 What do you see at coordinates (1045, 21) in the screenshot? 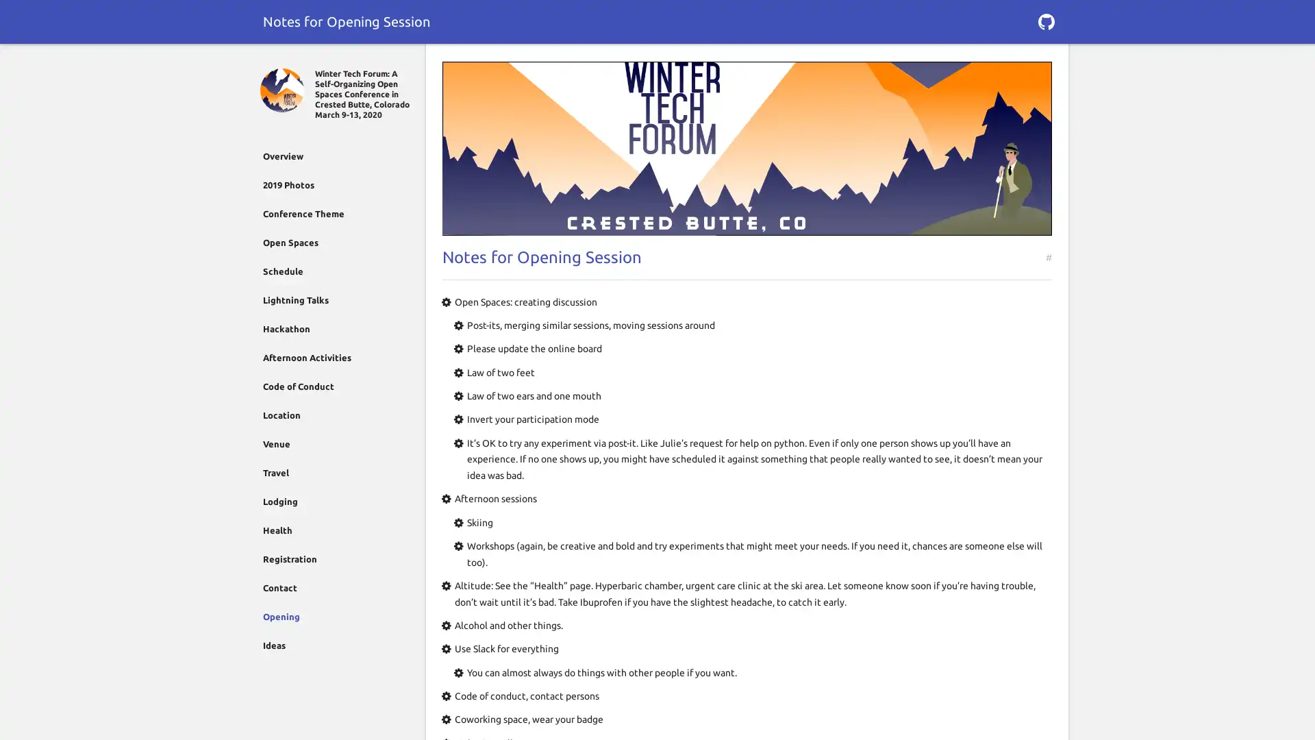
I see `GitHub` at bounding box center [1045, 21].